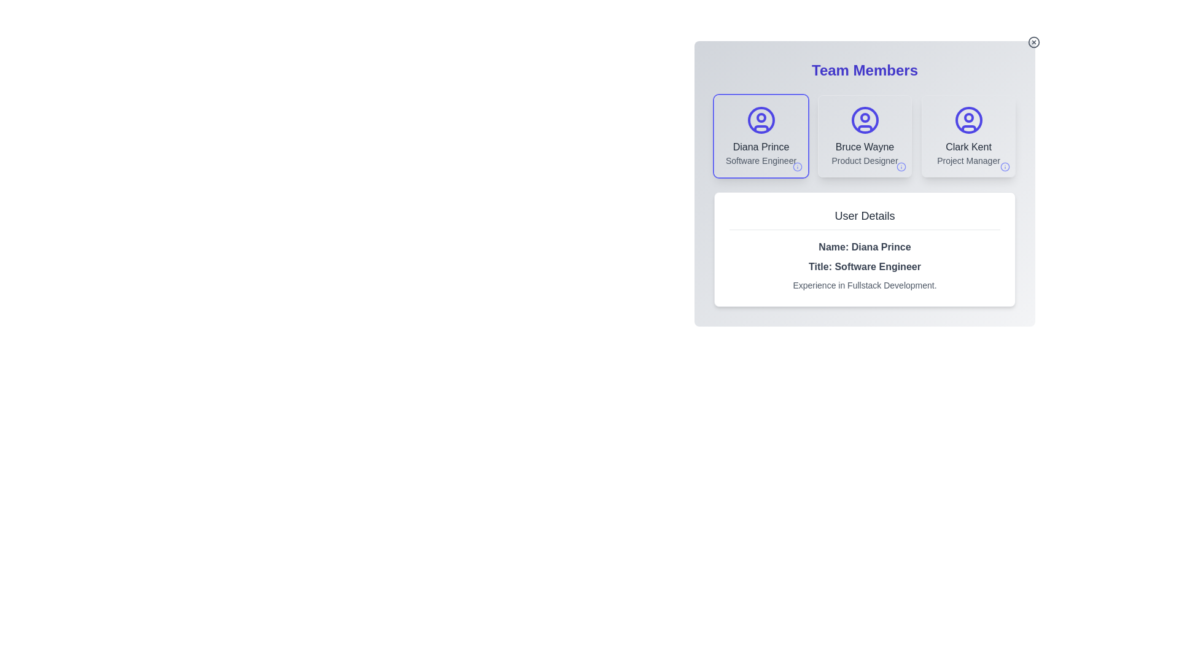 This screenshot has height=663, width=1179. What do you see at coordinates (968, 118) in the screenshot?
I see `the smaller circle within the user profile icon representing Diana Prince, located in the upper left card of the layout` at bounding box center [968, 118].